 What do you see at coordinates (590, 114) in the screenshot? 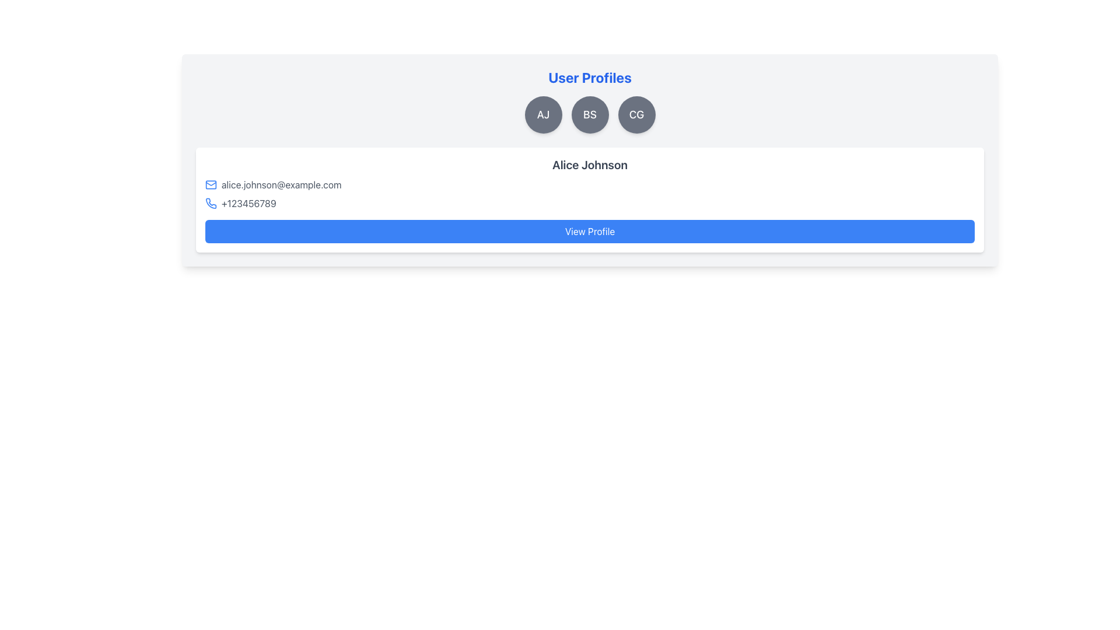
I see `the button labeled 'BS', which is the second button in a horizontal row of three, to trigger hover events` at bounding box center [590, 114].